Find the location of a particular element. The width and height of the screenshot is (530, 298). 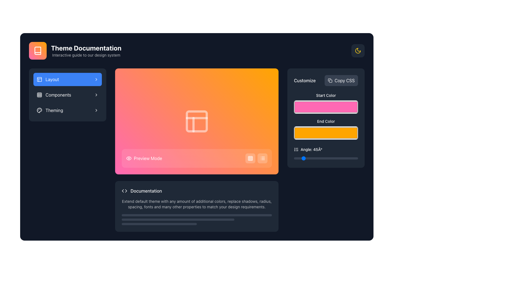

the slider value is located at coordinates (335, 158).